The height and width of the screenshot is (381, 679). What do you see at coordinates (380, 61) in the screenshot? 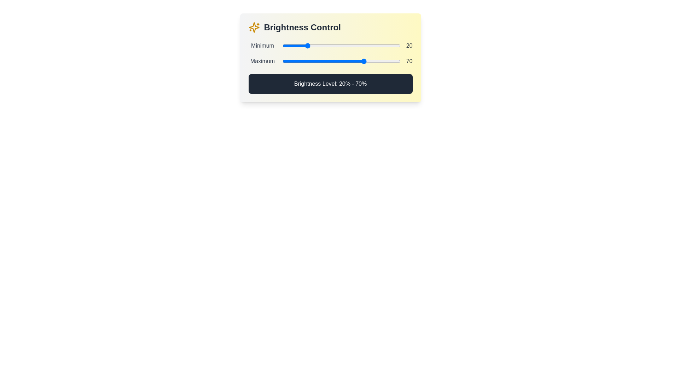
I see `the maximum brightness level to 83% by interacting with the second slider` at bounding box center [380, 61].